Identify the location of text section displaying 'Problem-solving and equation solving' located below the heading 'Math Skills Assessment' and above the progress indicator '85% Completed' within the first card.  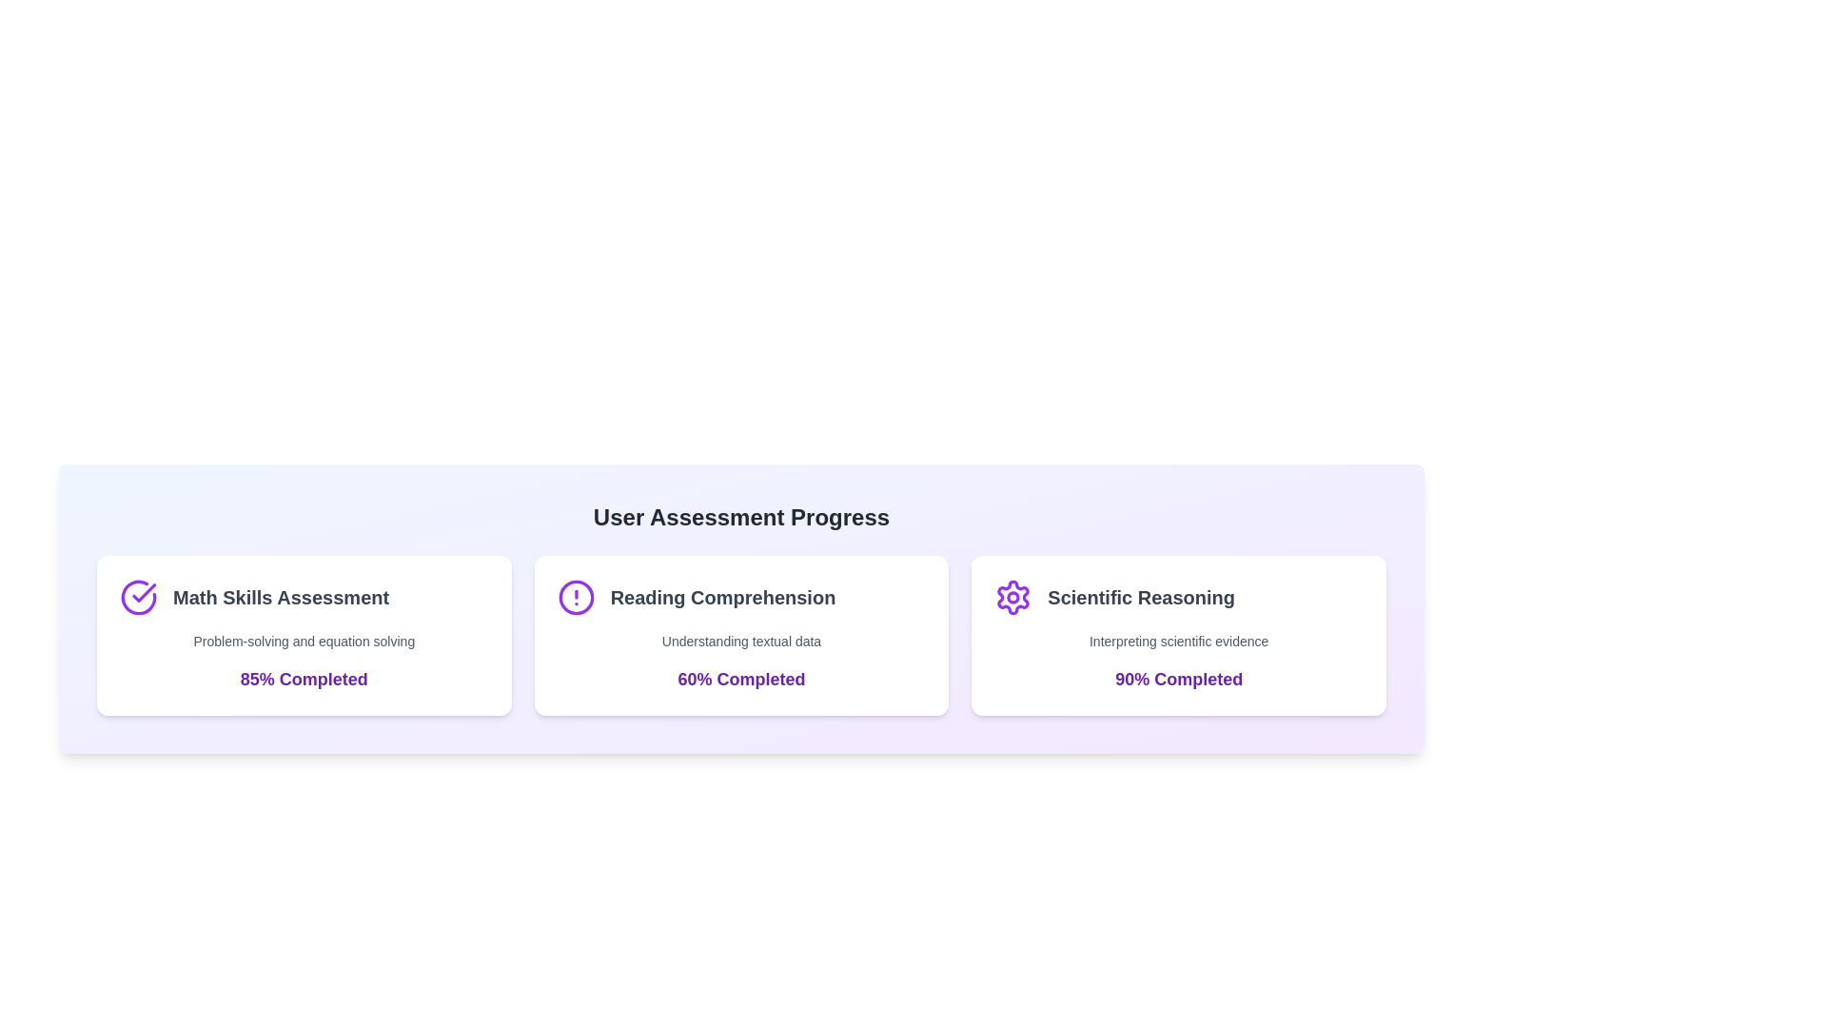
(303, 642).